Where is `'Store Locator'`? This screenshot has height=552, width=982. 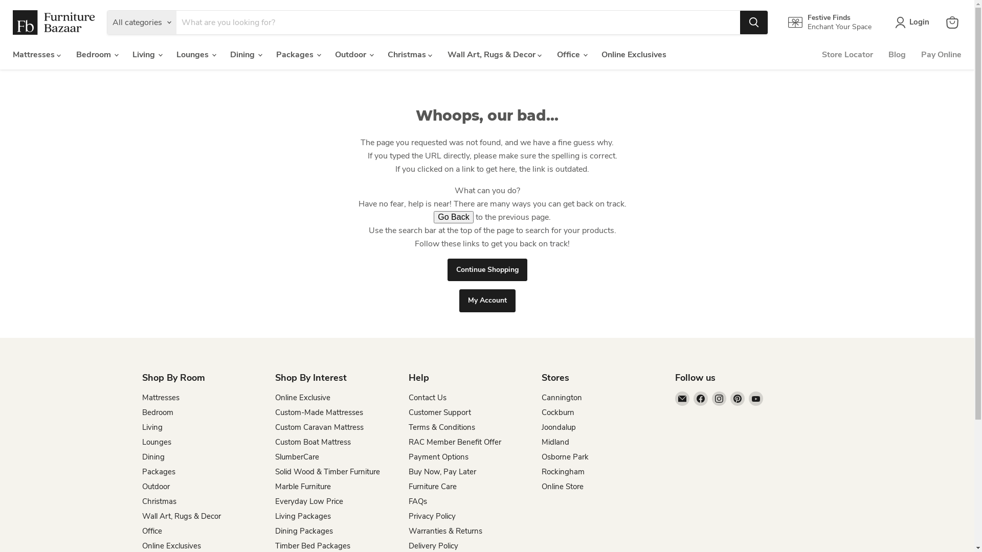 'Store Locator' is located at coordinates (847, 55).